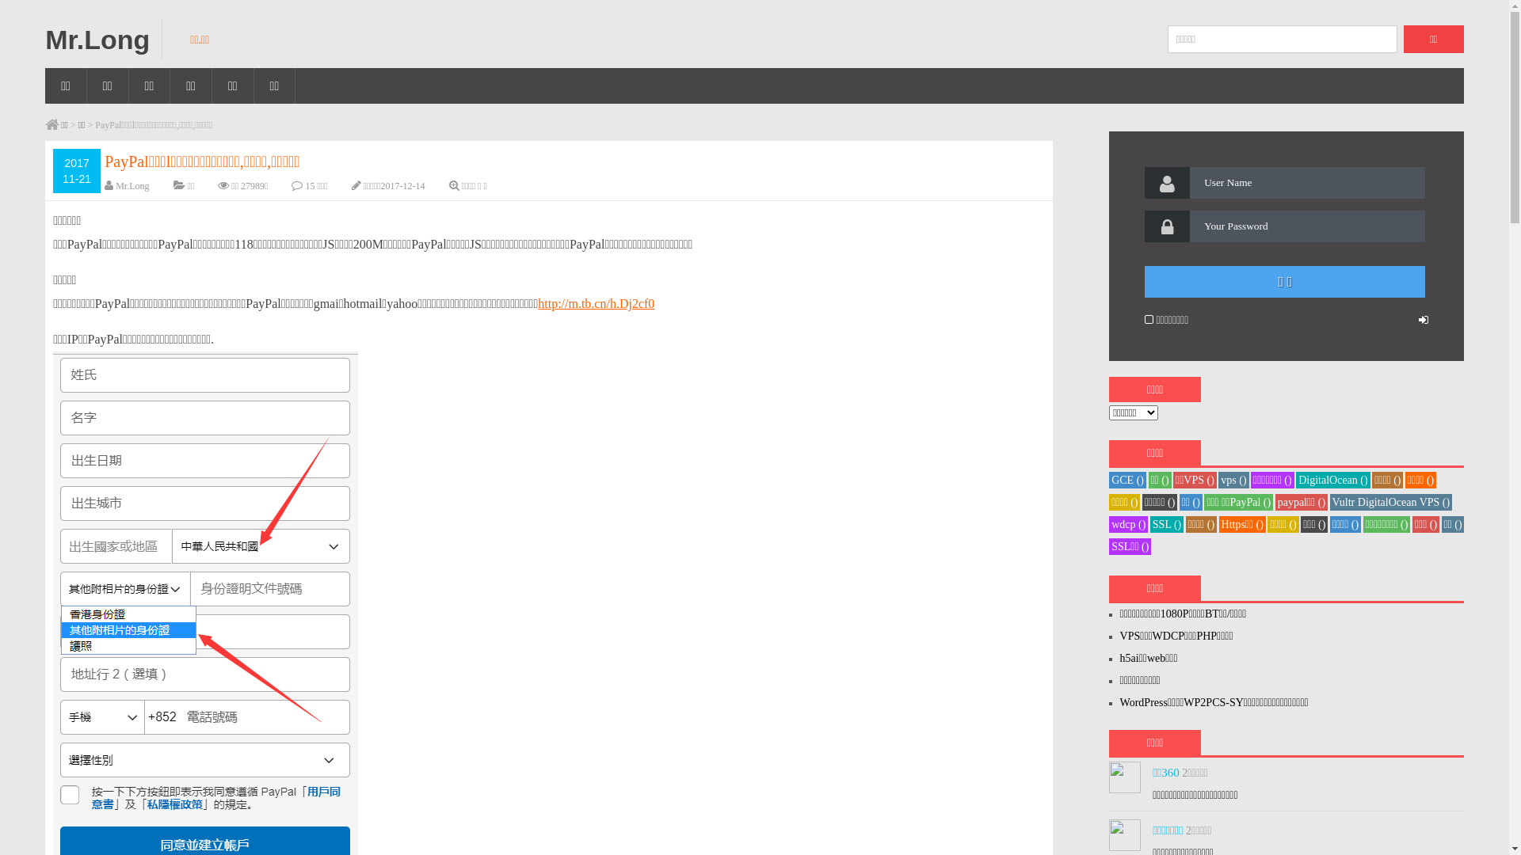  I want to click on 'SSL ()', so click(1167, 524).